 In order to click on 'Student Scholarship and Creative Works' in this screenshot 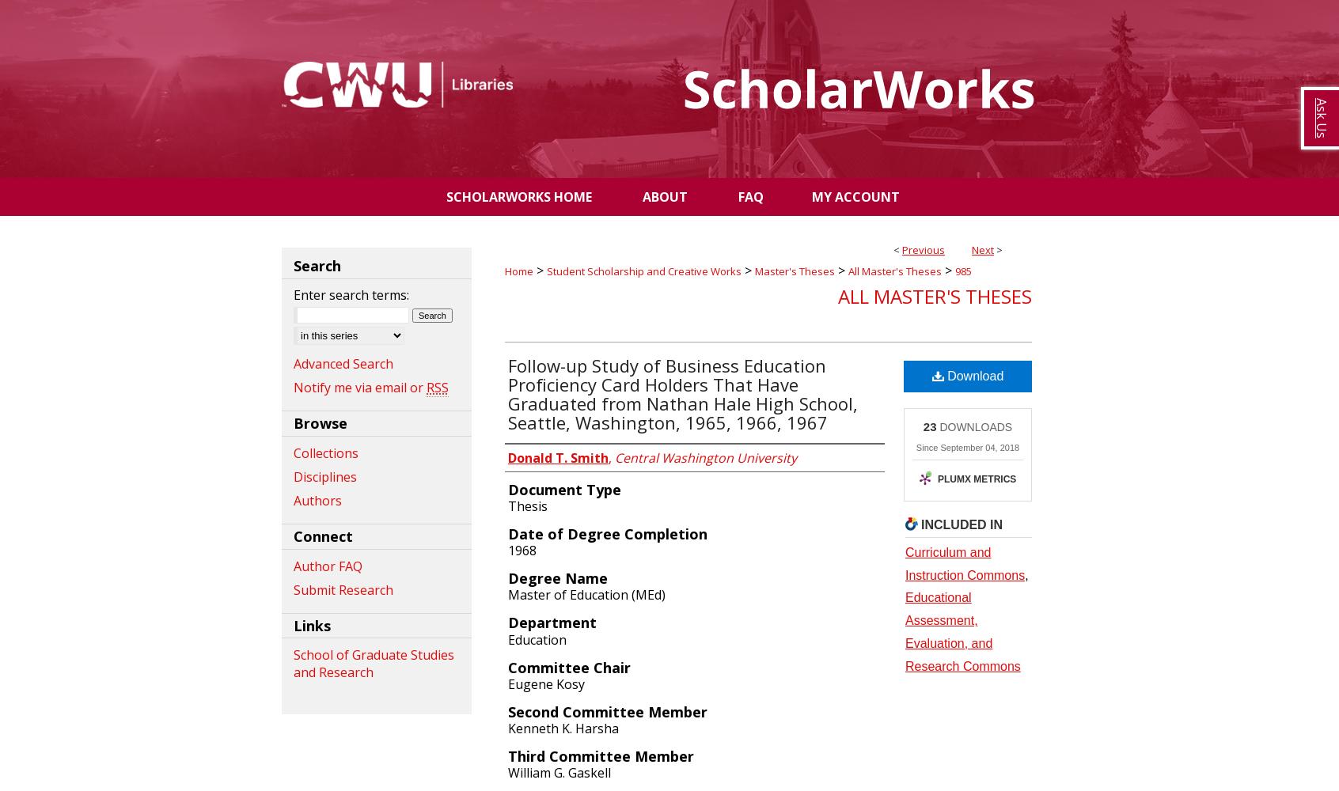, I will do `click(644, 271)`.